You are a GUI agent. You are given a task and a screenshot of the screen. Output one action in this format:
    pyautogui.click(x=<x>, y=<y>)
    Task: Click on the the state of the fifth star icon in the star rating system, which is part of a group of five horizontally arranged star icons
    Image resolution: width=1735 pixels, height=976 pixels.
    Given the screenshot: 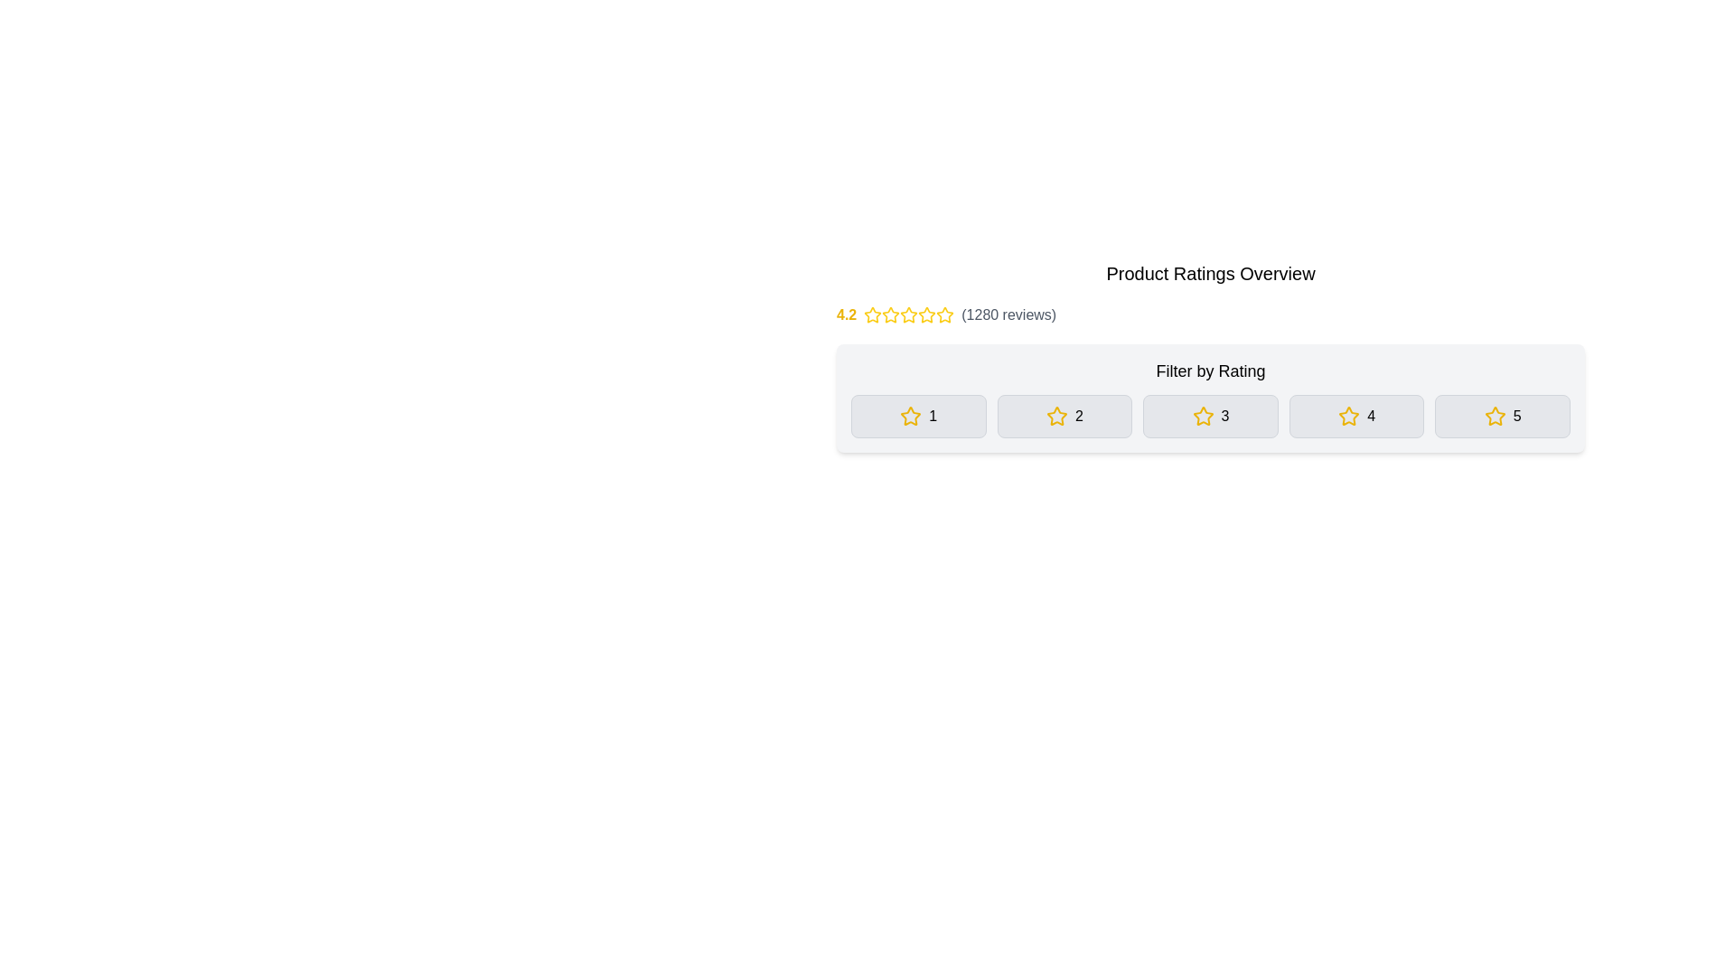 What is the action you would take?
    pyautogui.click(x=927, y=314)
    